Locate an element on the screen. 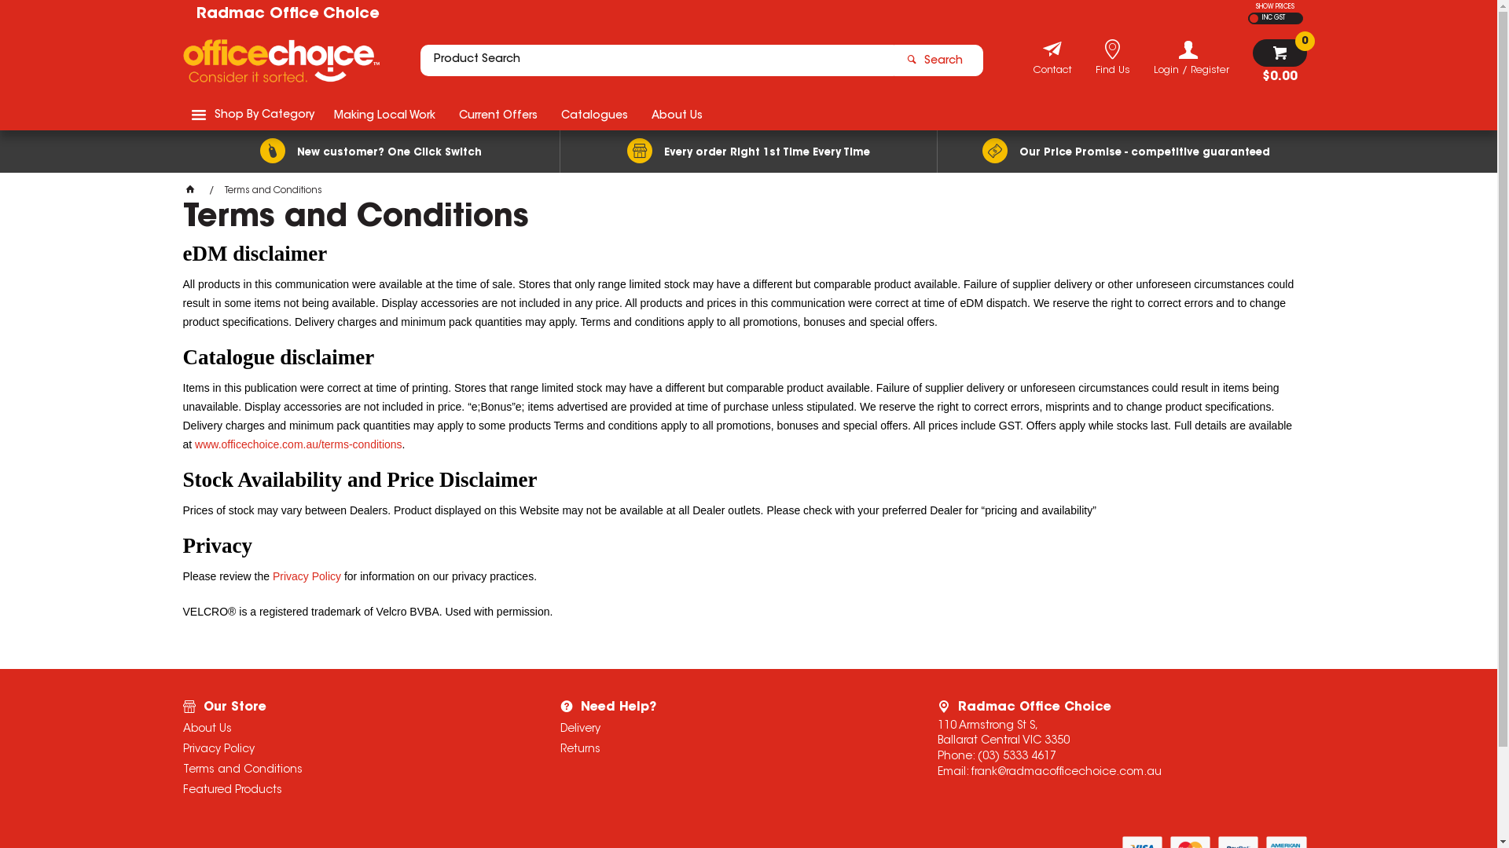  'Contact' is located at coordinates (1052, 72).